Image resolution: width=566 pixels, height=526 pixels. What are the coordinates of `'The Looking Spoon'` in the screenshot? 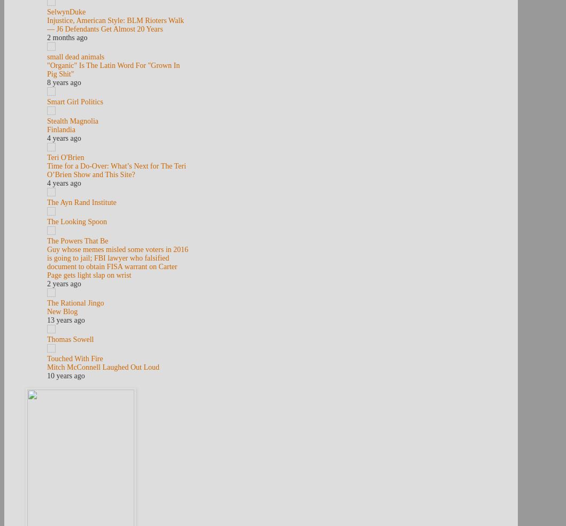 It's located at (47, 221).